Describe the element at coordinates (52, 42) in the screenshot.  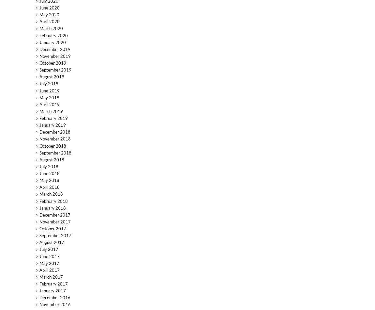
I see `'January 2020'` at that location.